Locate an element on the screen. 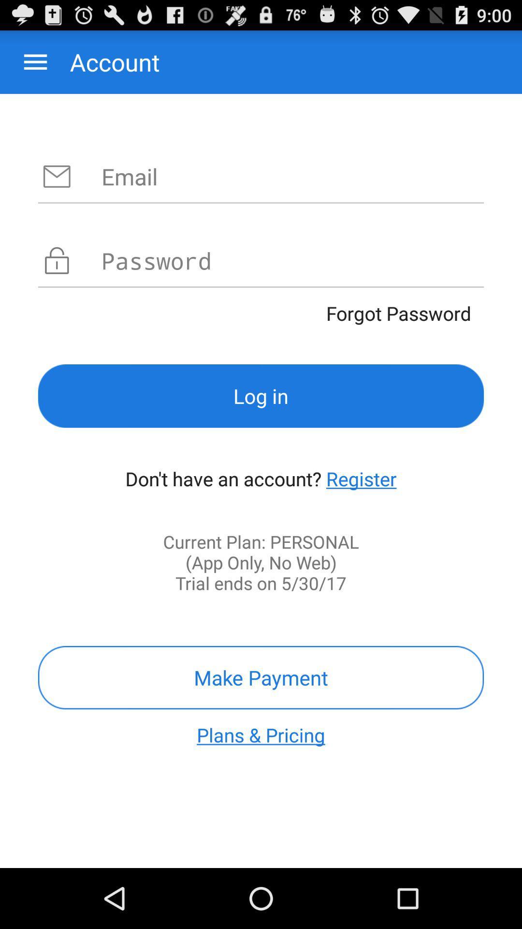 The width and height of the screenshot is (522, 929). write password is located at coordinates (292, 260).